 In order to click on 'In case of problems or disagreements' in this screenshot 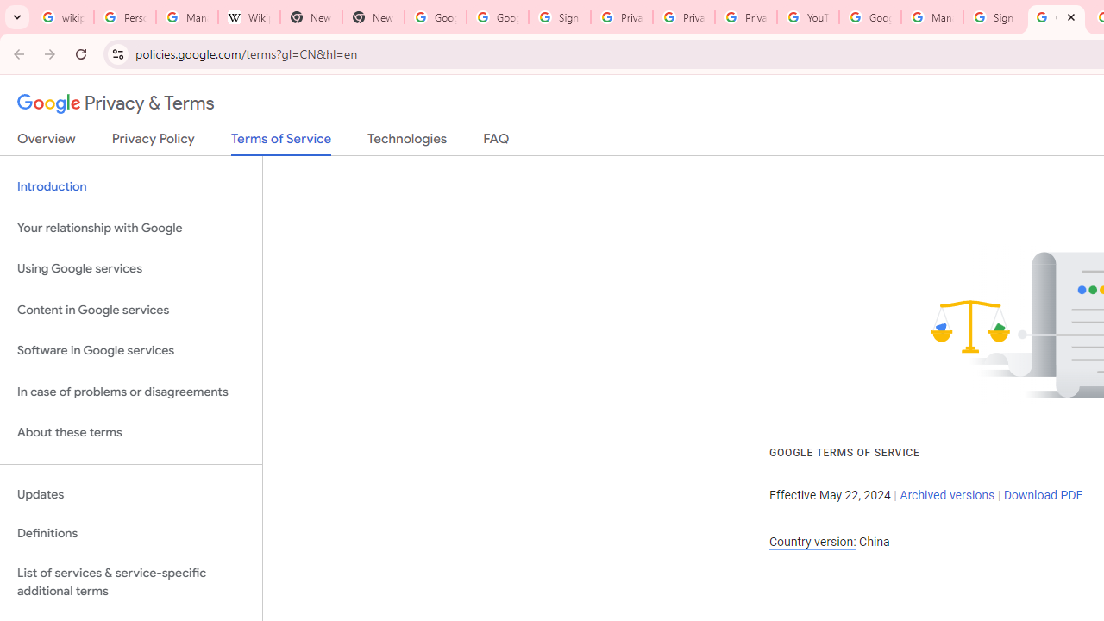, I will do `click(130, 392)`.